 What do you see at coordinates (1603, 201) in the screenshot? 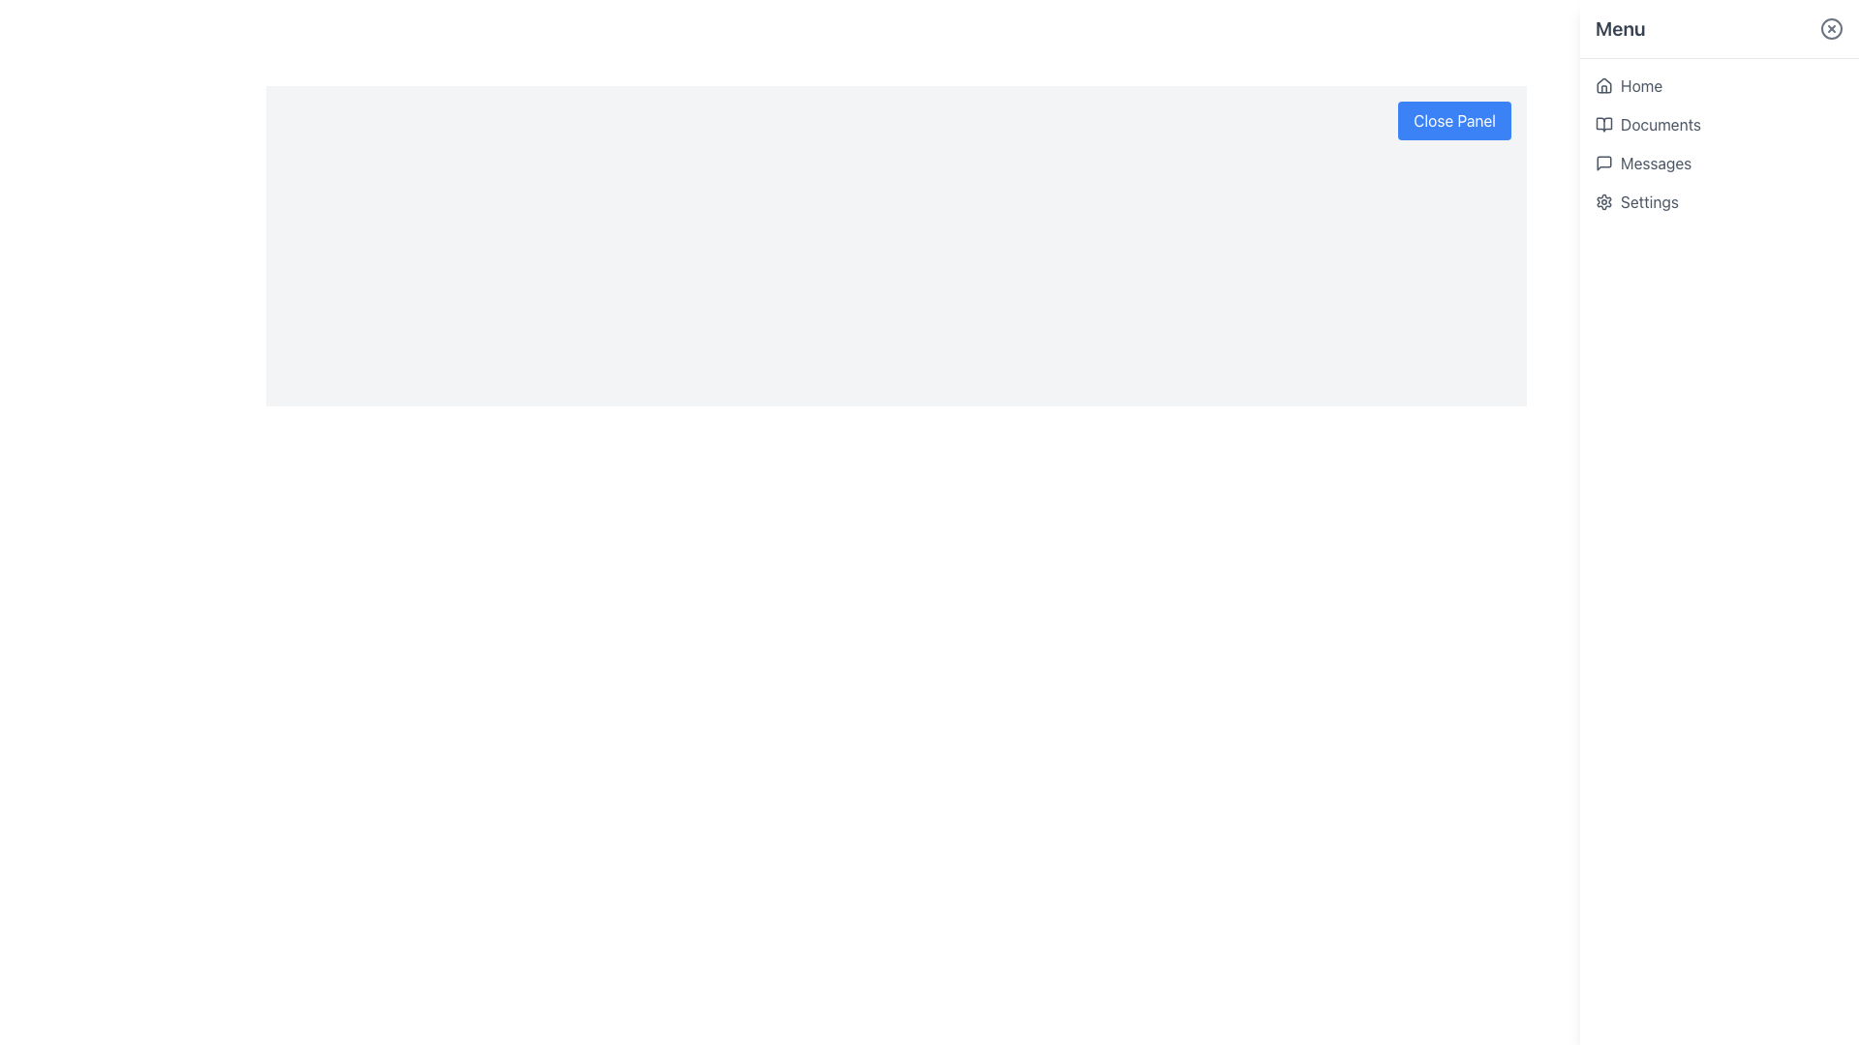
I see `the gear icon next to the 'Settings' label` at bounding box center [1603, 201].